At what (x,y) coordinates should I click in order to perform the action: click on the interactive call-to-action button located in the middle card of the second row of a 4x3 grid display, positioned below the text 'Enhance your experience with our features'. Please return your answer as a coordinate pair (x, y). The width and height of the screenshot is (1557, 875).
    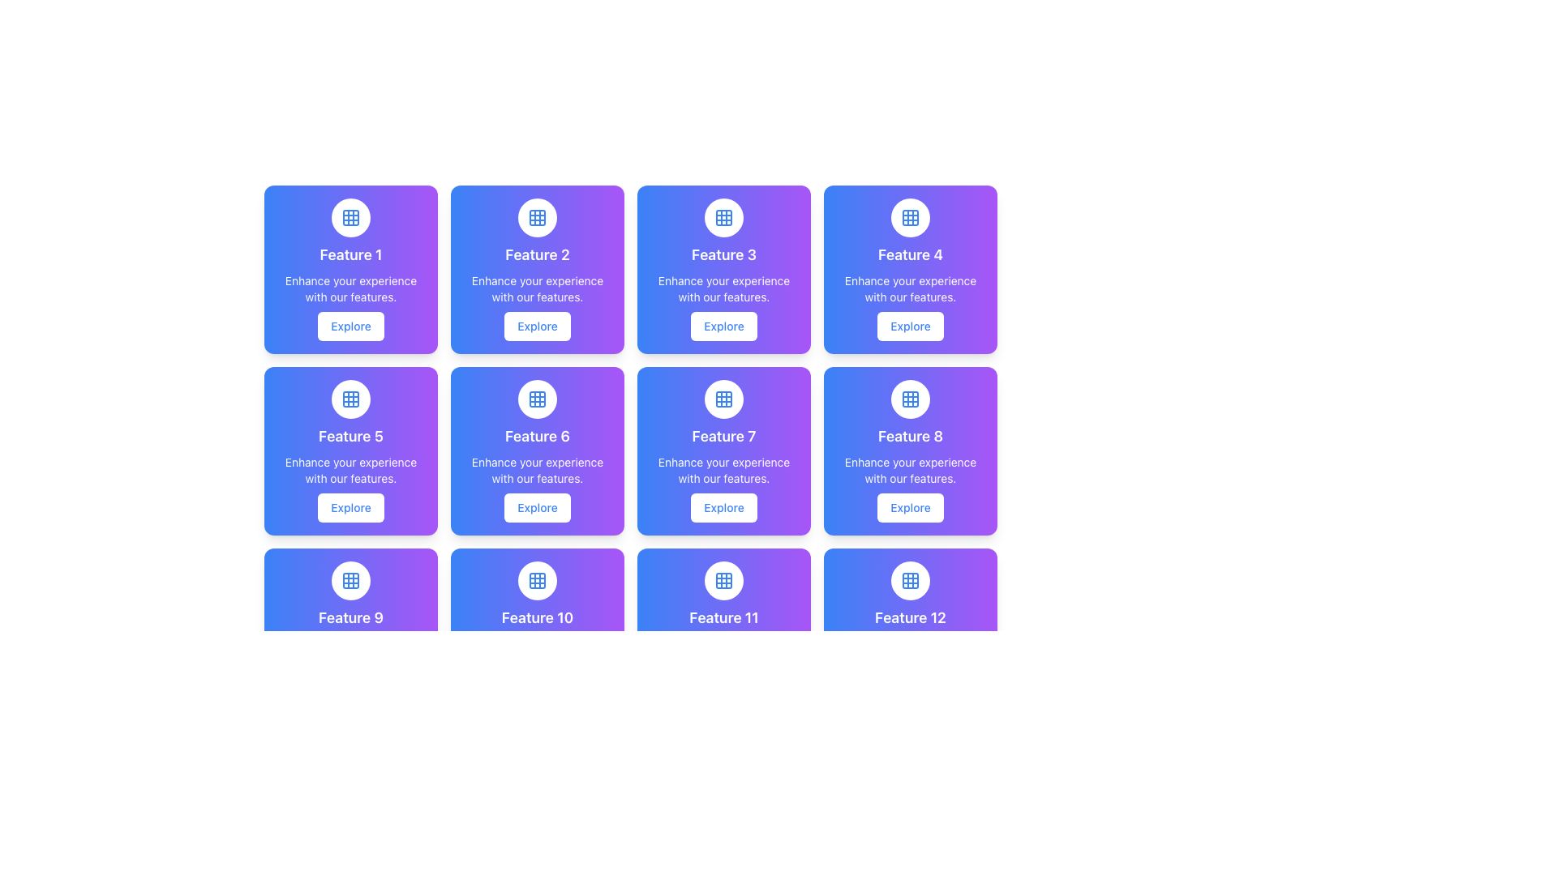
    Looking at the image, I should click on (537, 507).